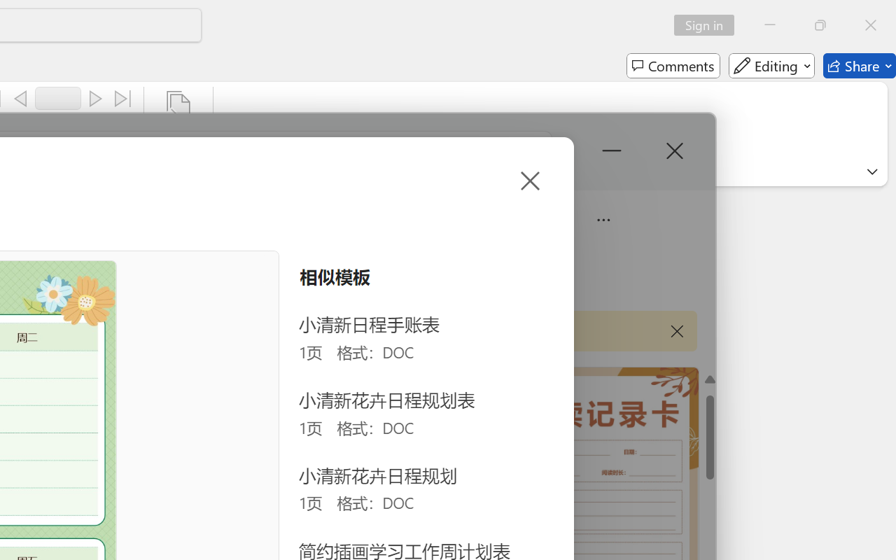 This screenshot has width=896, height=560. I want to click on 'Last', so click(123, 99).